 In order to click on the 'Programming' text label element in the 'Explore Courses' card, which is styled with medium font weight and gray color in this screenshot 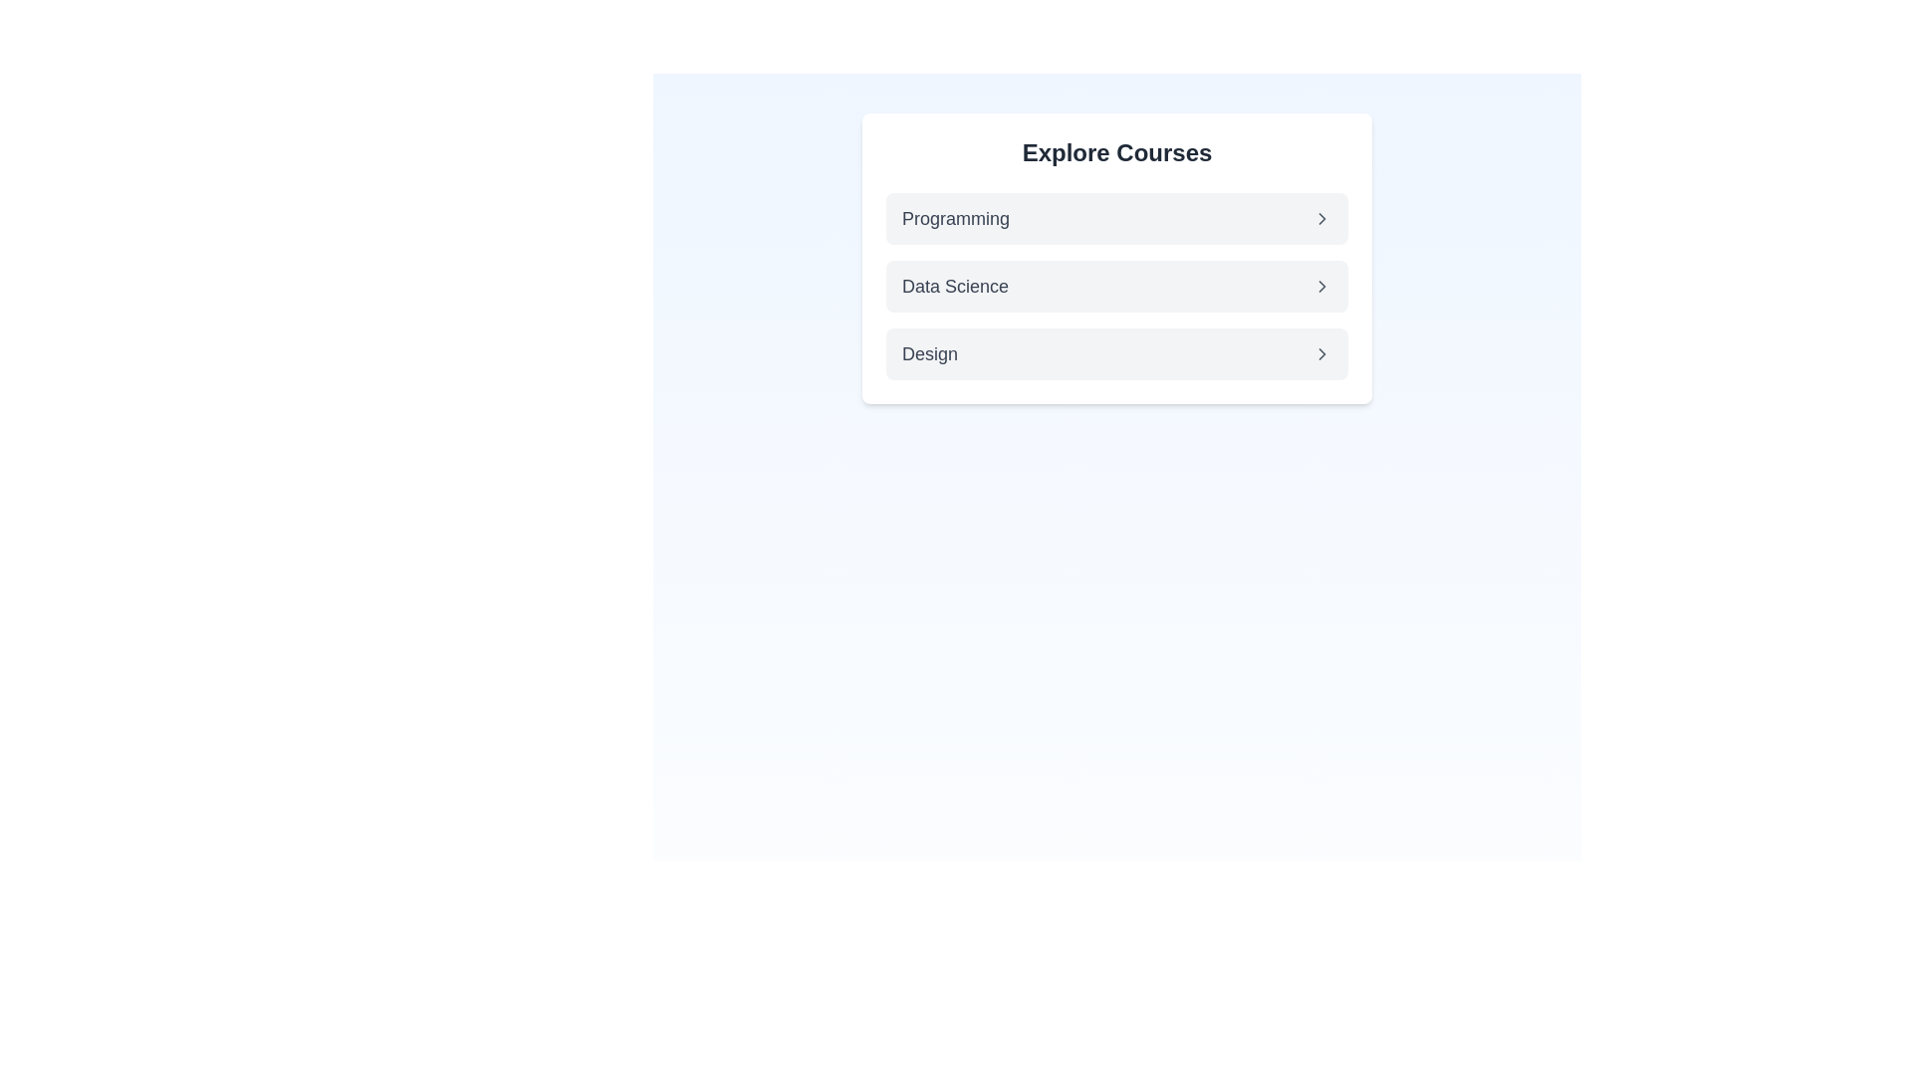, I will do `click(956, 218)`.